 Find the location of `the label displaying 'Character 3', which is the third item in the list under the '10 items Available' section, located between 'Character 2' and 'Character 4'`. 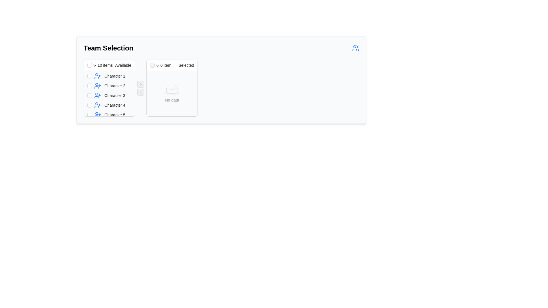

the label displaying 'Character 3', which is the third item in the list under the '10 items Available' section, located between 'Character 2' and 'Character 4' is located at coordinates (114, 95).